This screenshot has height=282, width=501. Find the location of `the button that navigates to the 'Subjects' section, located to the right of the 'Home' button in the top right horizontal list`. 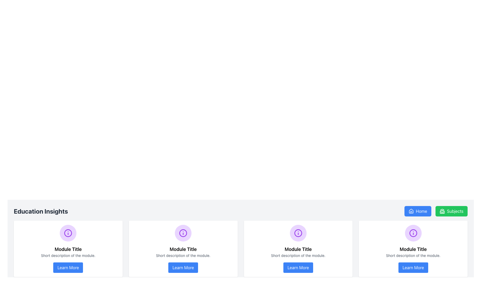

the button that navigates to the 'Subjects' section, located to the right of the 'Home' button in the top right horizontal list is located at coordinates (451, 211).